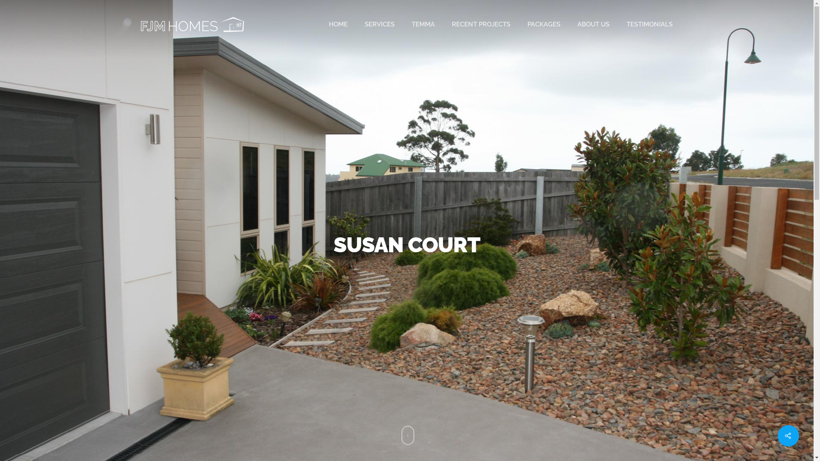  I want to click on 'TEMMA', so click(412, 24).